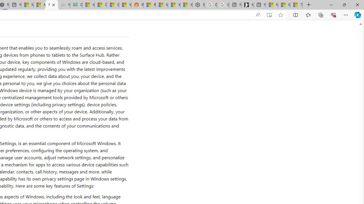  Describe the element at coordinates (247, 5) in the screenshot. I see `'Microsoft Start Gaming'` at that location.